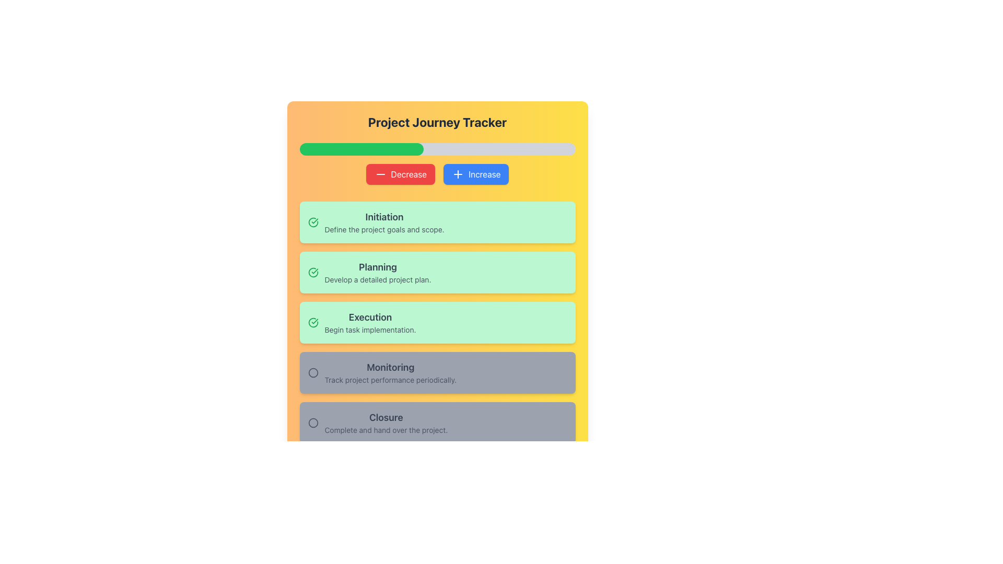  I want to click on bolded text label 'Closure' which is prominently displayed in larger font and darker gray color within the 'Closure' section of the 'Project Journey Tracker' list, so click(386, 417).